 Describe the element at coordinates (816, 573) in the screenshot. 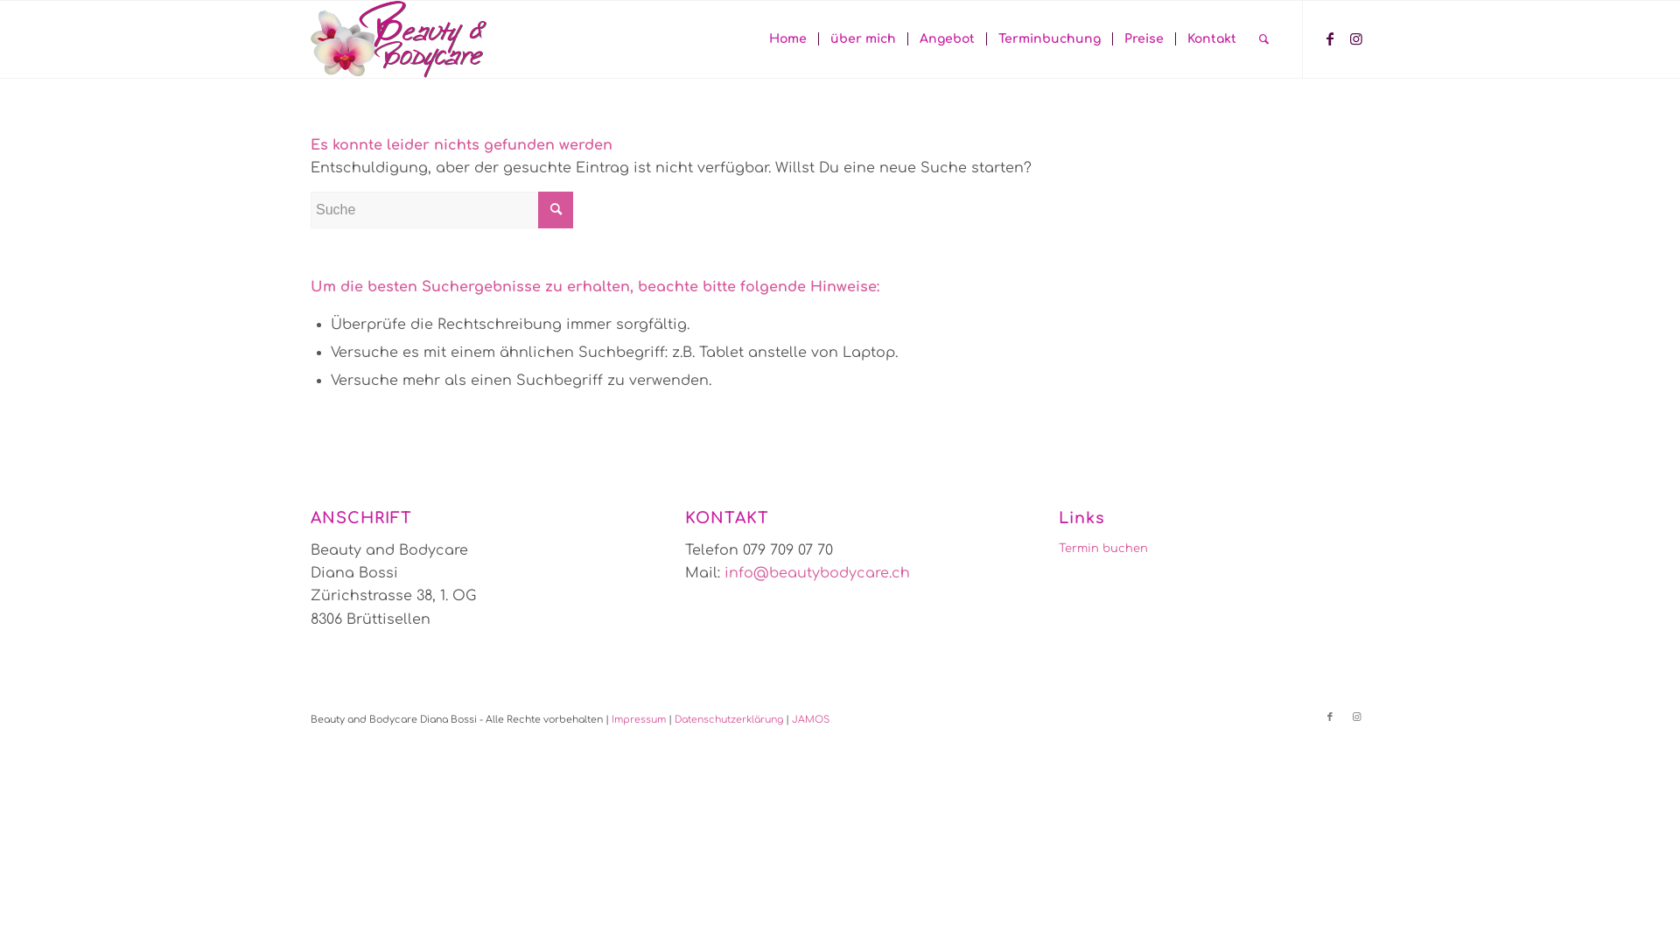

I see `'info@beautybodycare.ch'` at that location.